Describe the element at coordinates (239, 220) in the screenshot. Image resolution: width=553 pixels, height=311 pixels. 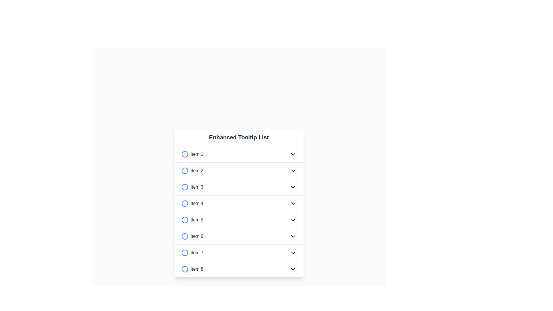
I see `the chevron on the fifth list item, which reveals a dropdown for more details or actions related to 'Item 5'` at that location.